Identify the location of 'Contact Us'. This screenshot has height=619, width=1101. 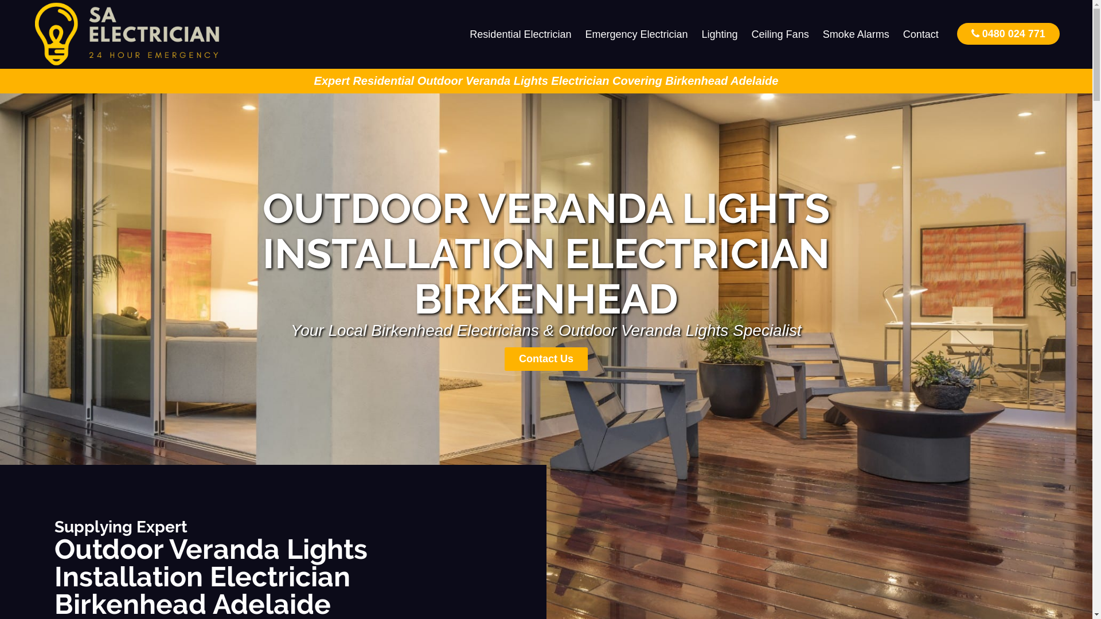
(545, 358).